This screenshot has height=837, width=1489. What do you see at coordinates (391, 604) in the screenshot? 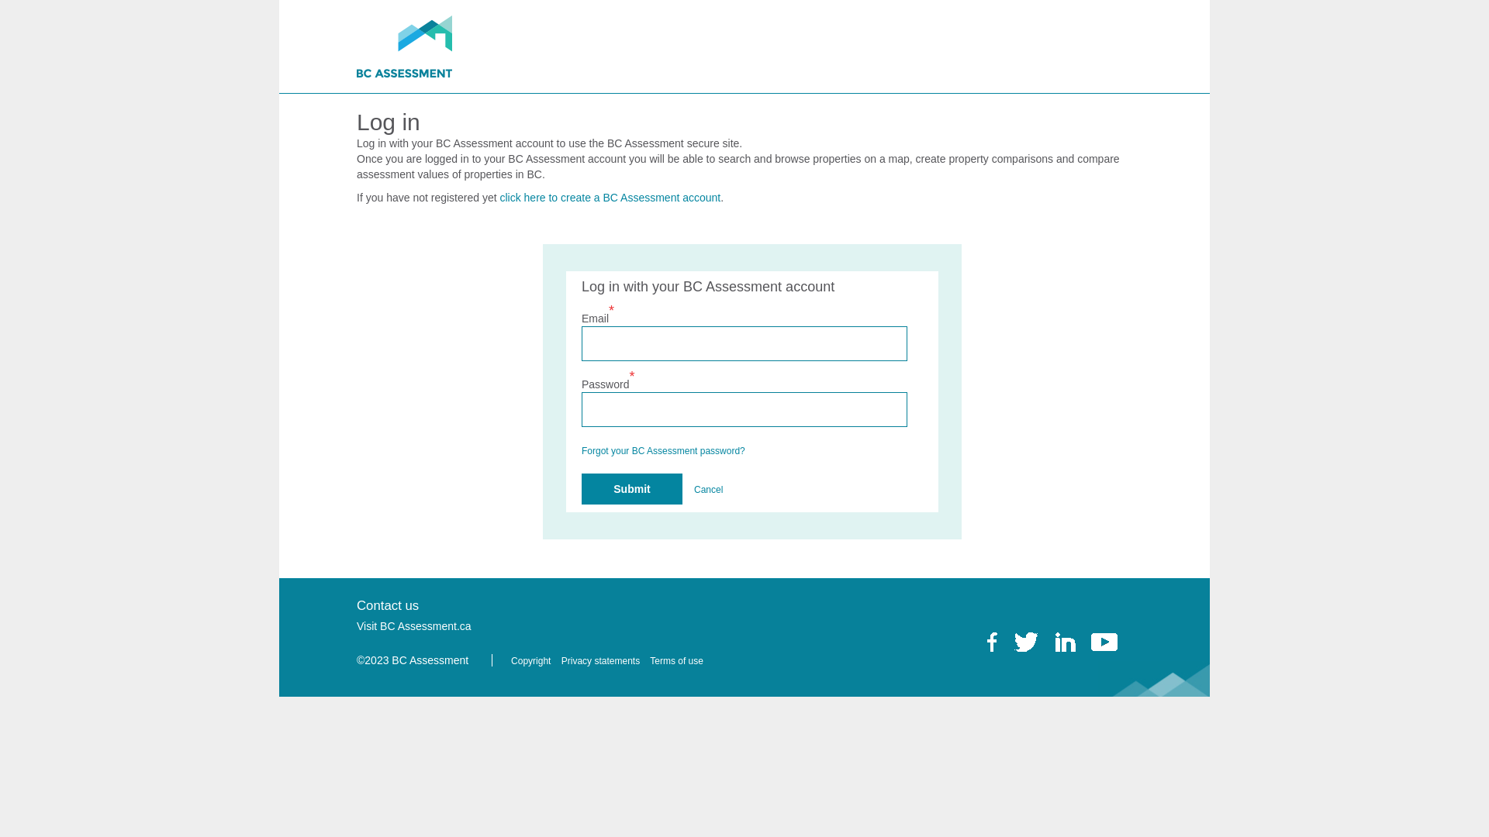
I see `'Contact us'` at bounding box center [391, 604].